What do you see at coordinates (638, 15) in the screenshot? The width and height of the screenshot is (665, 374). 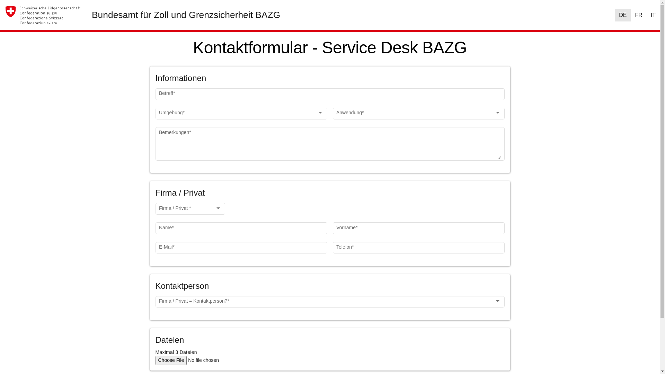 I see `'FR'` at bounding box center [638, 15].